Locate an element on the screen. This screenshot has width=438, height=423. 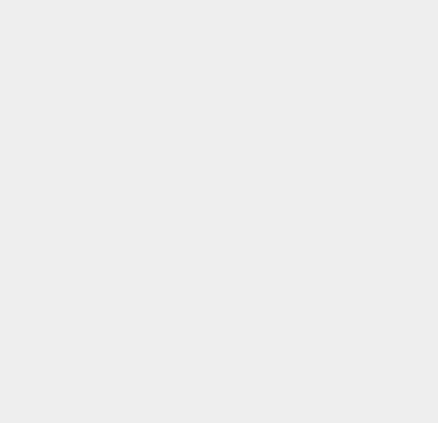
'PIPA' is located at coordinates (310, 342).